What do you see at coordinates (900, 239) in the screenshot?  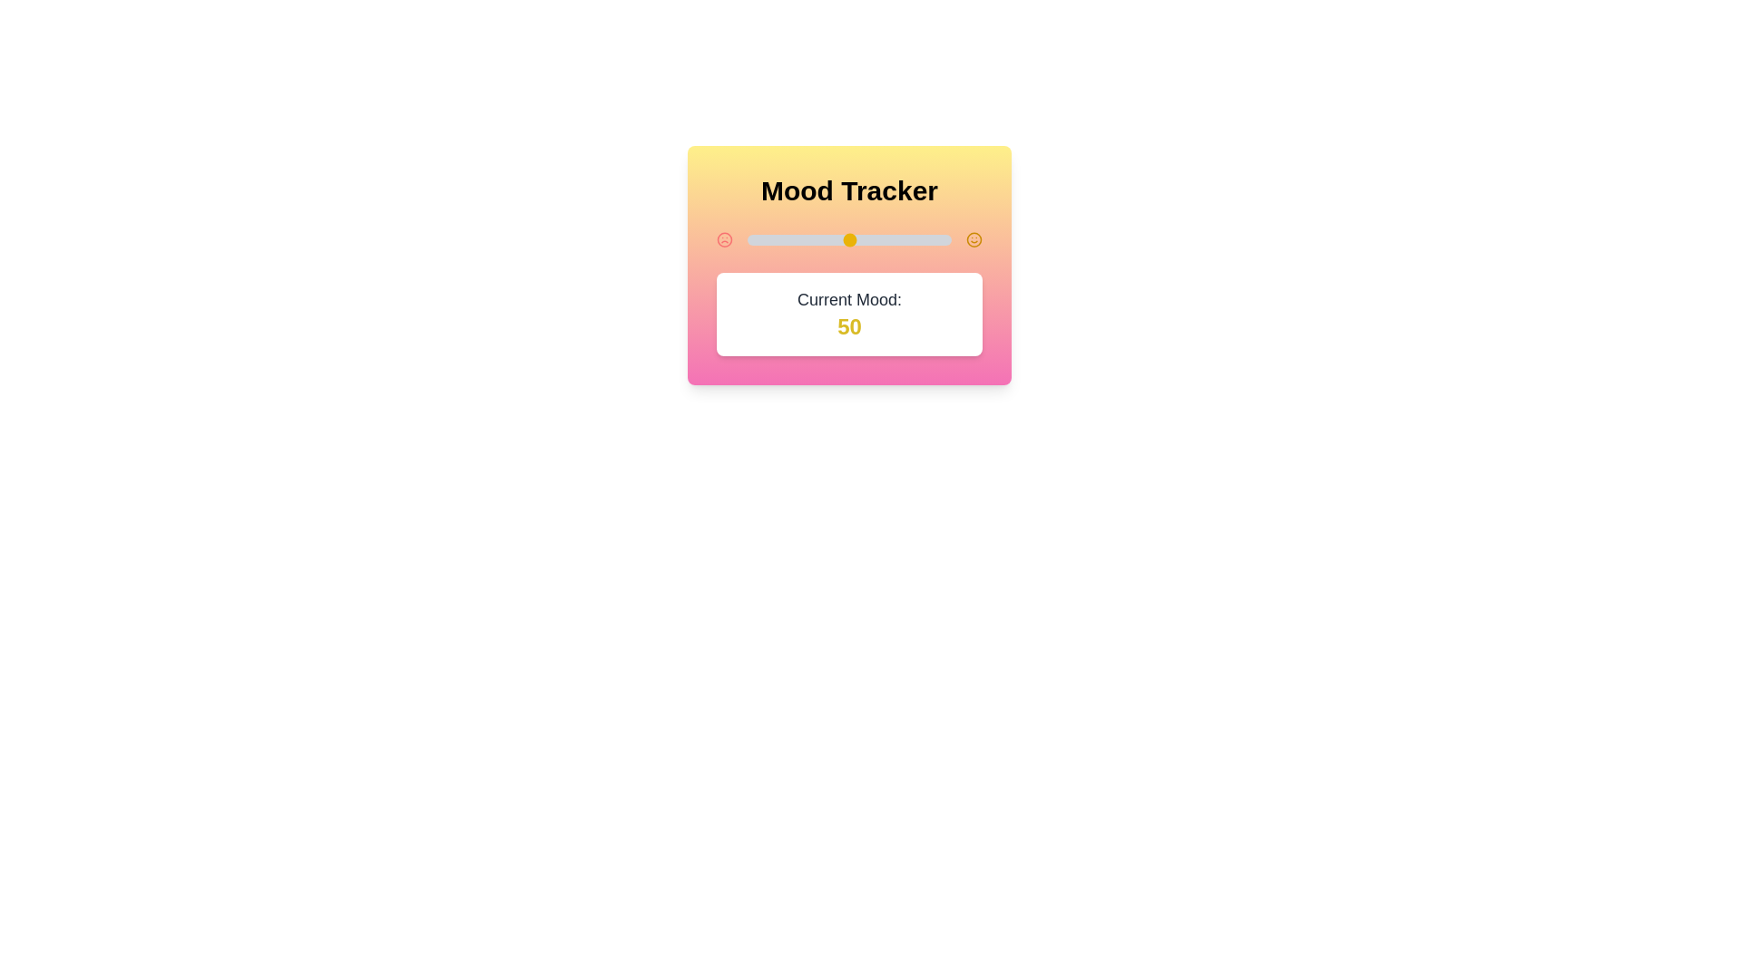 I see `the mood slider to set the mood value to 75` at bounding box center [900, 239].